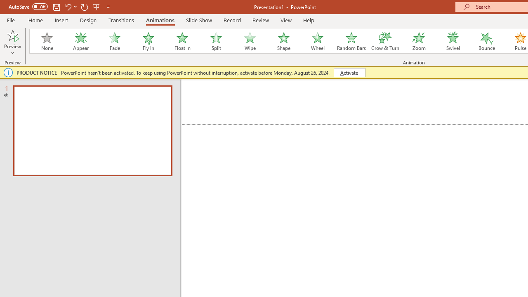 The width and height of the screenshot is (528, 297). What do you see at coordinates (216, 41) in the screenshot?
I see `'Split'` at bounding box center [216, 41].